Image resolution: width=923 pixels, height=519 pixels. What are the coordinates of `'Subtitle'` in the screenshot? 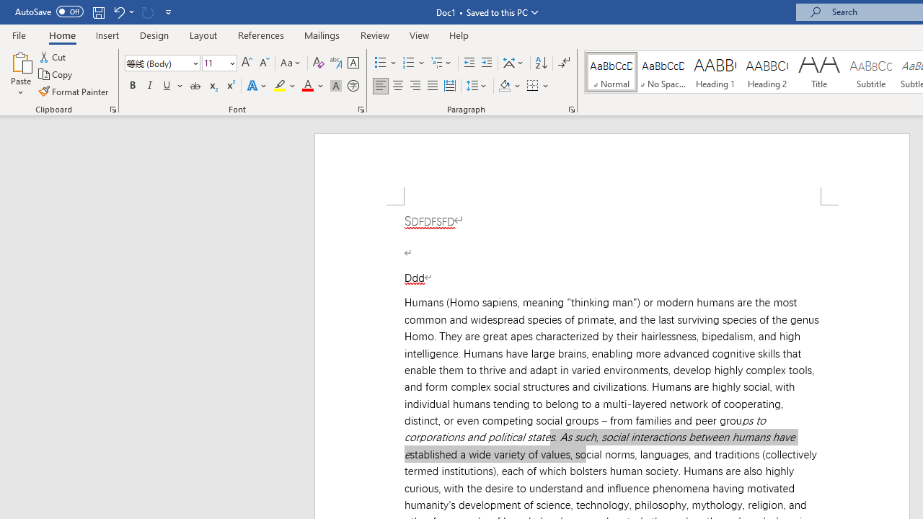 It's located at (870, 72).